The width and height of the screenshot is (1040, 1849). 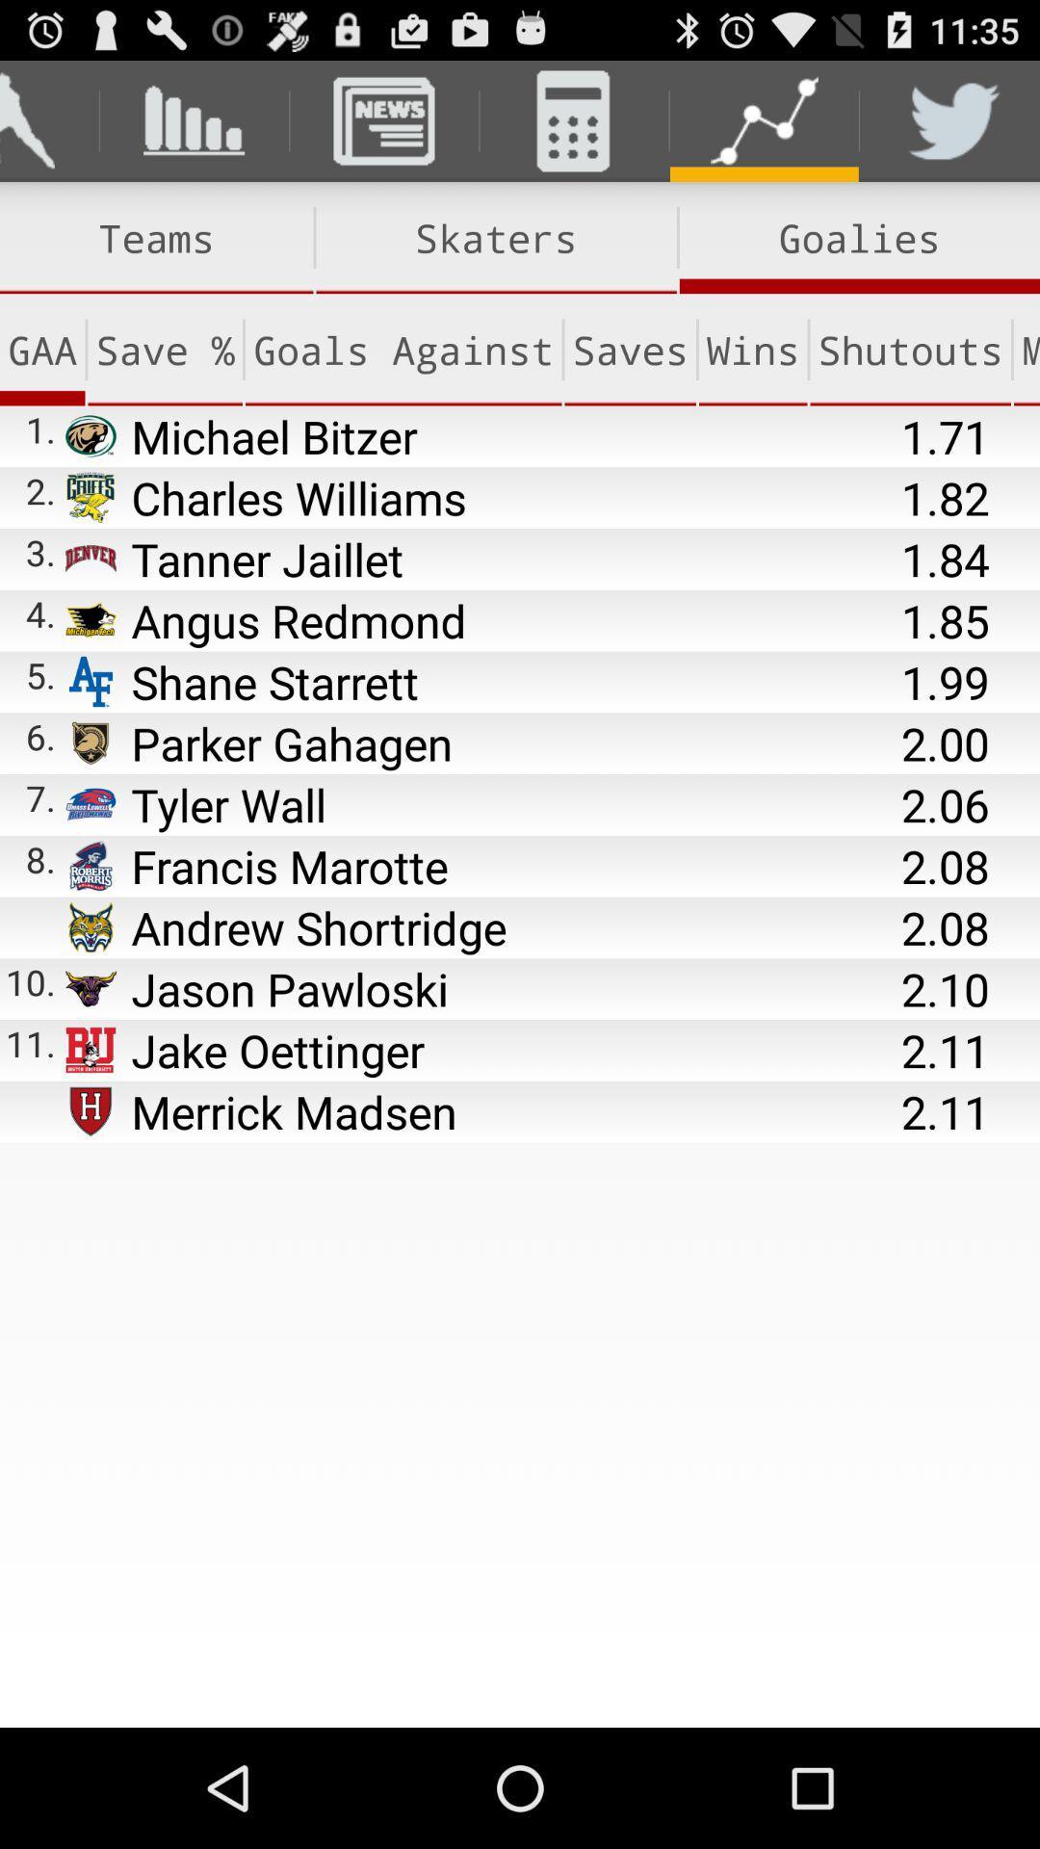 I want to click on the gaa item, so click(x=42, y=350).